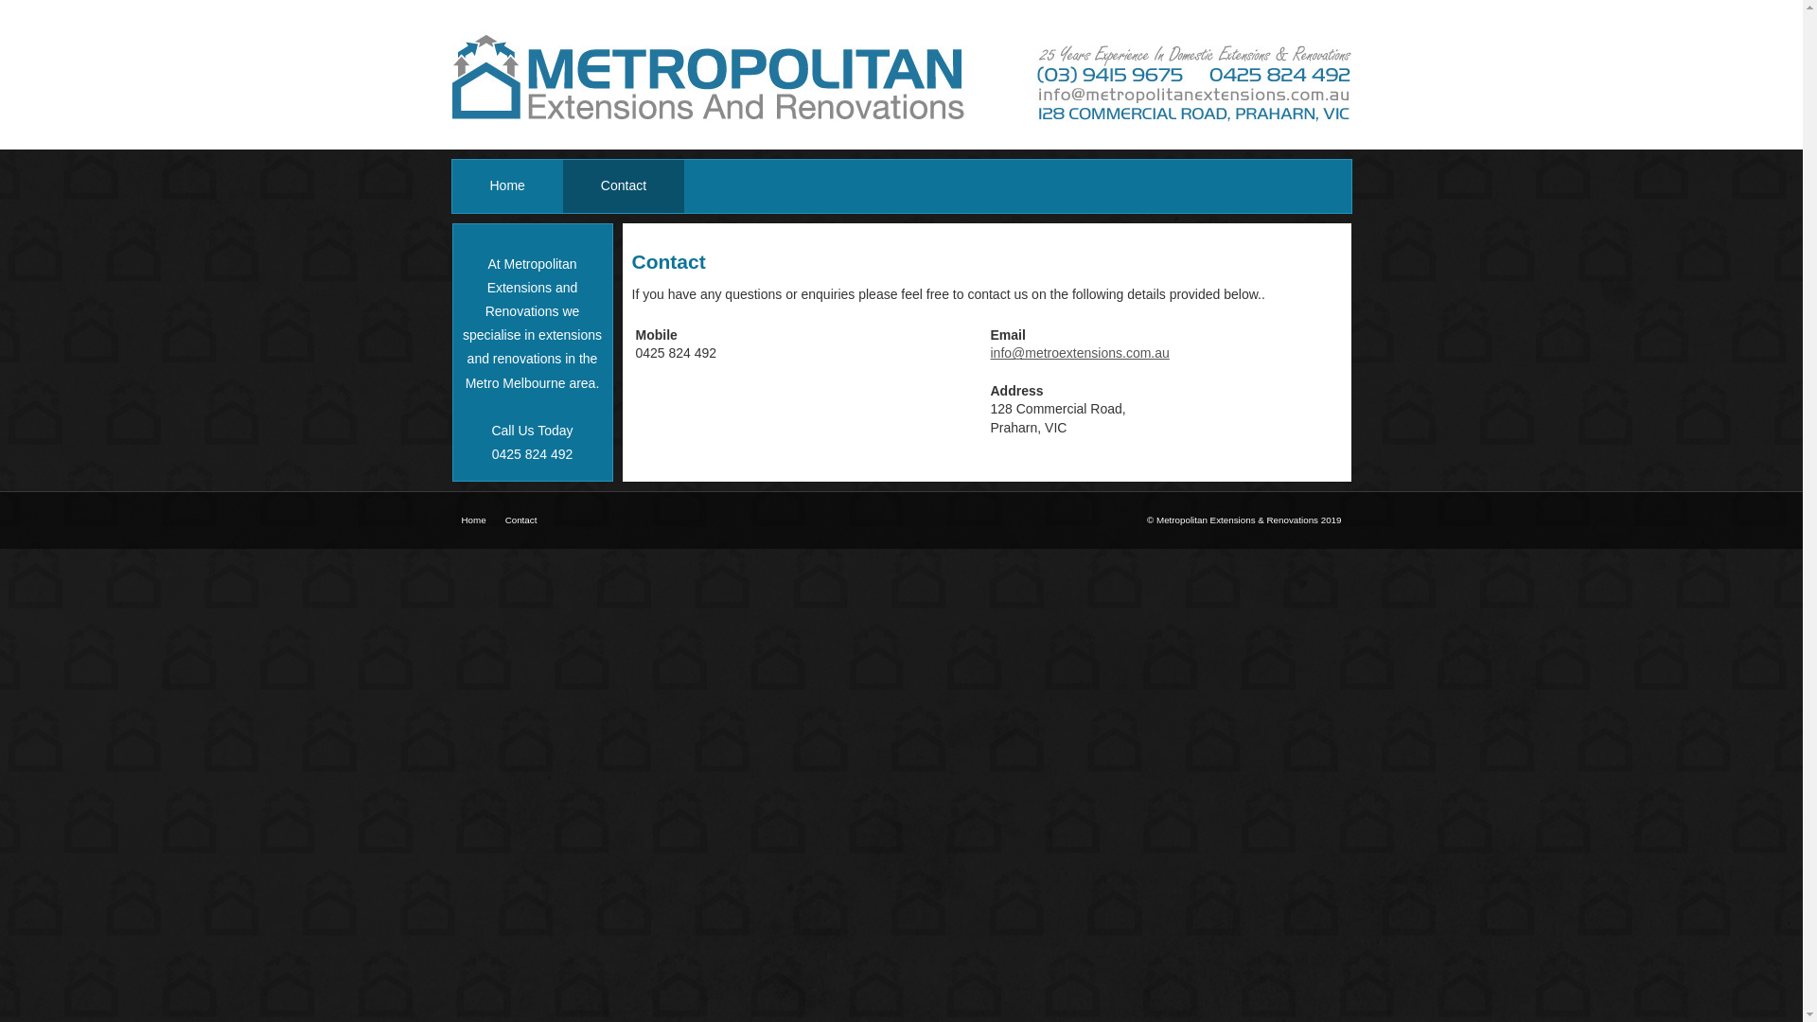  Describe the element at coordinates (495, 520) in the screenshot. I see `'Contact'` at that location.